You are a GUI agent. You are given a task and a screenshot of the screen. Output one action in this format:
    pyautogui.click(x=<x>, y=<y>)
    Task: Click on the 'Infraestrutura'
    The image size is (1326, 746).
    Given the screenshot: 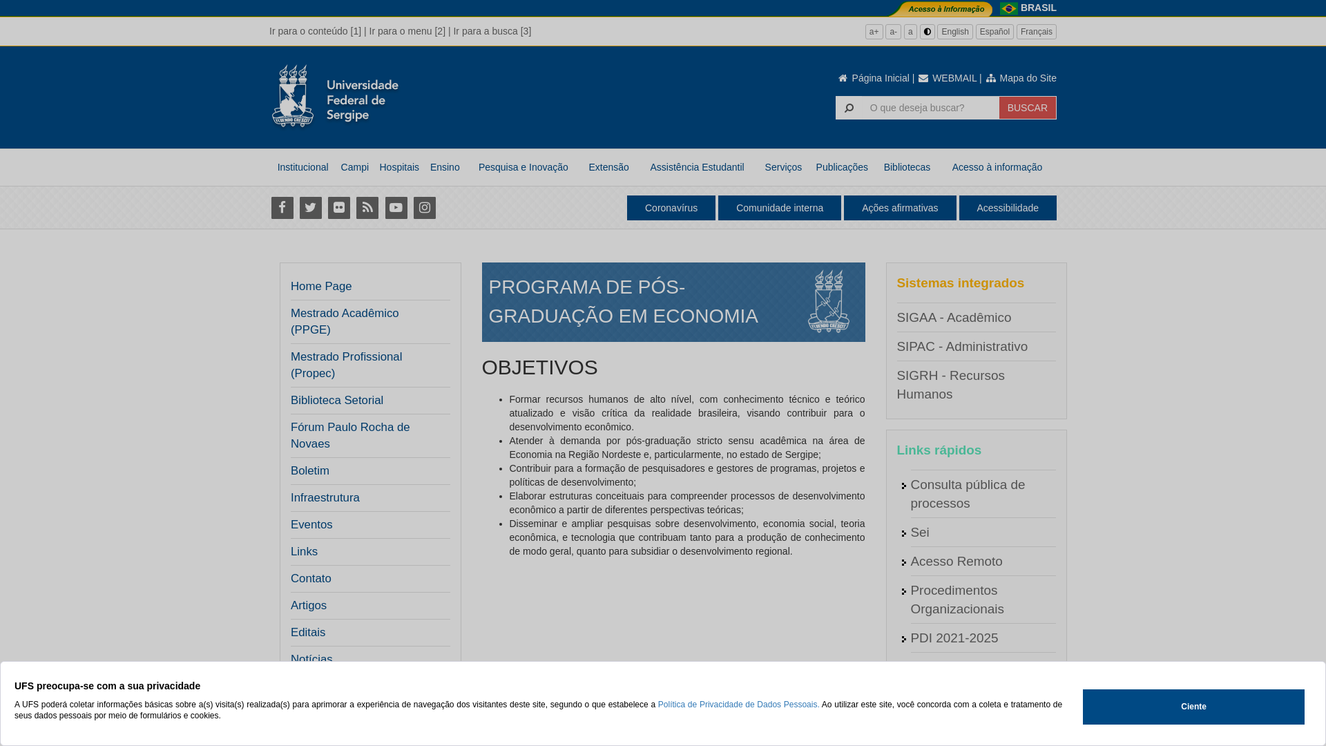 What is the action you would take?
    pyautogui.click(x=324, y=498)
    